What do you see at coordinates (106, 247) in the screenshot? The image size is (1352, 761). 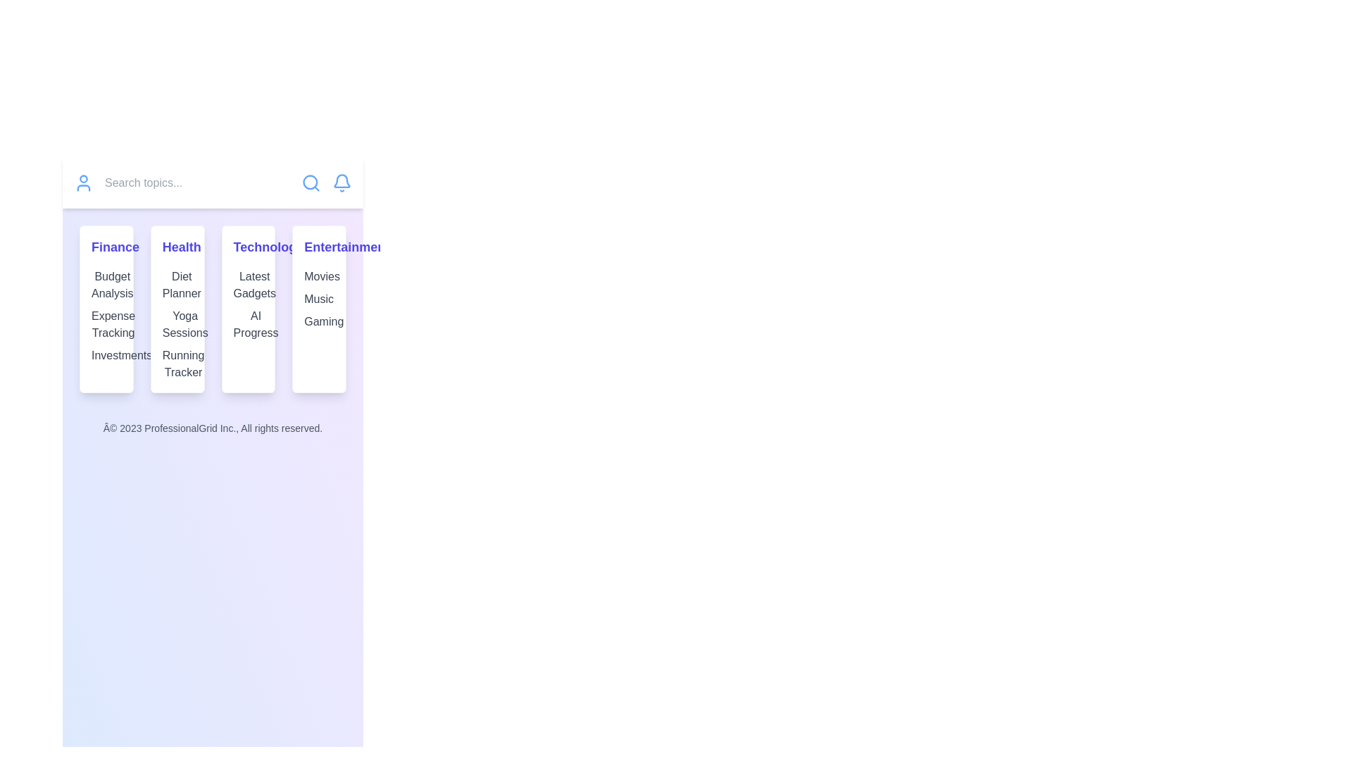 I see `the Text label that serves as a title or label for the associated content category, located in the top-left corner of the card` at bounding box center [106, 247].